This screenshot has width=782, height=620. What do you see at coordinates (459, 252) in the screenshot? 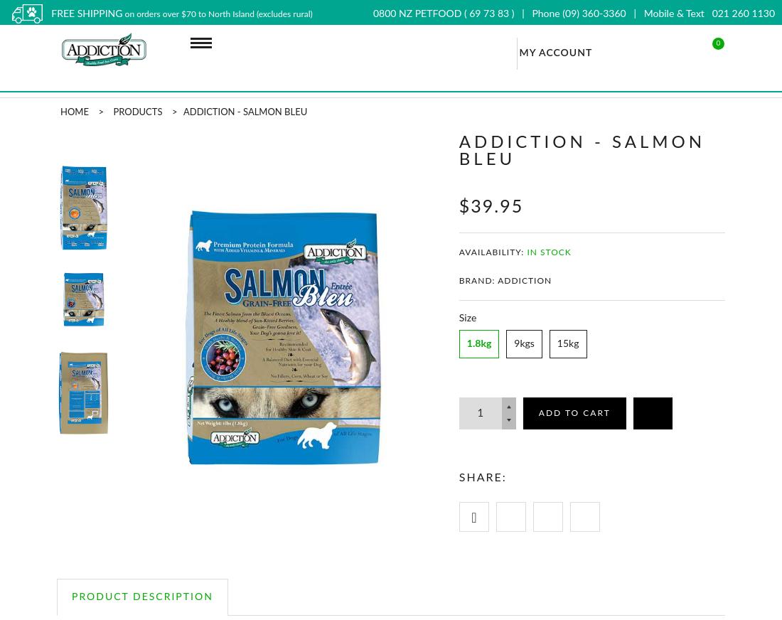
I see `'Availability:'` at bounding box center [459, 252].